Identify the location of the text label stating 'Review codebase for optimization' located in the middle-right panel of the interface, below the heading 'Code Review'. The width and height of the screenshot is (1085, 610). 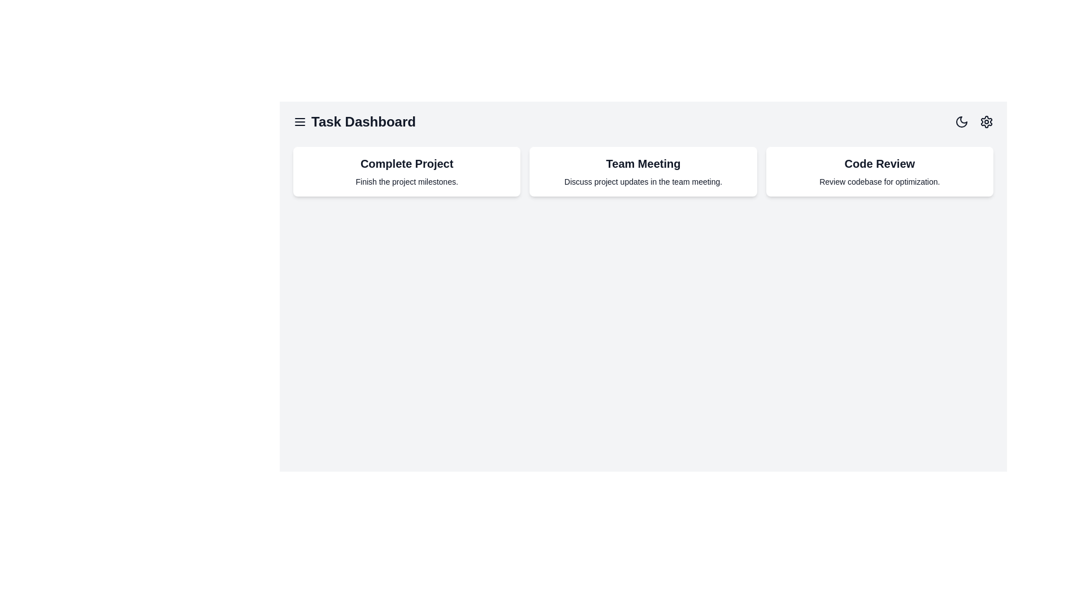
(879, 181).